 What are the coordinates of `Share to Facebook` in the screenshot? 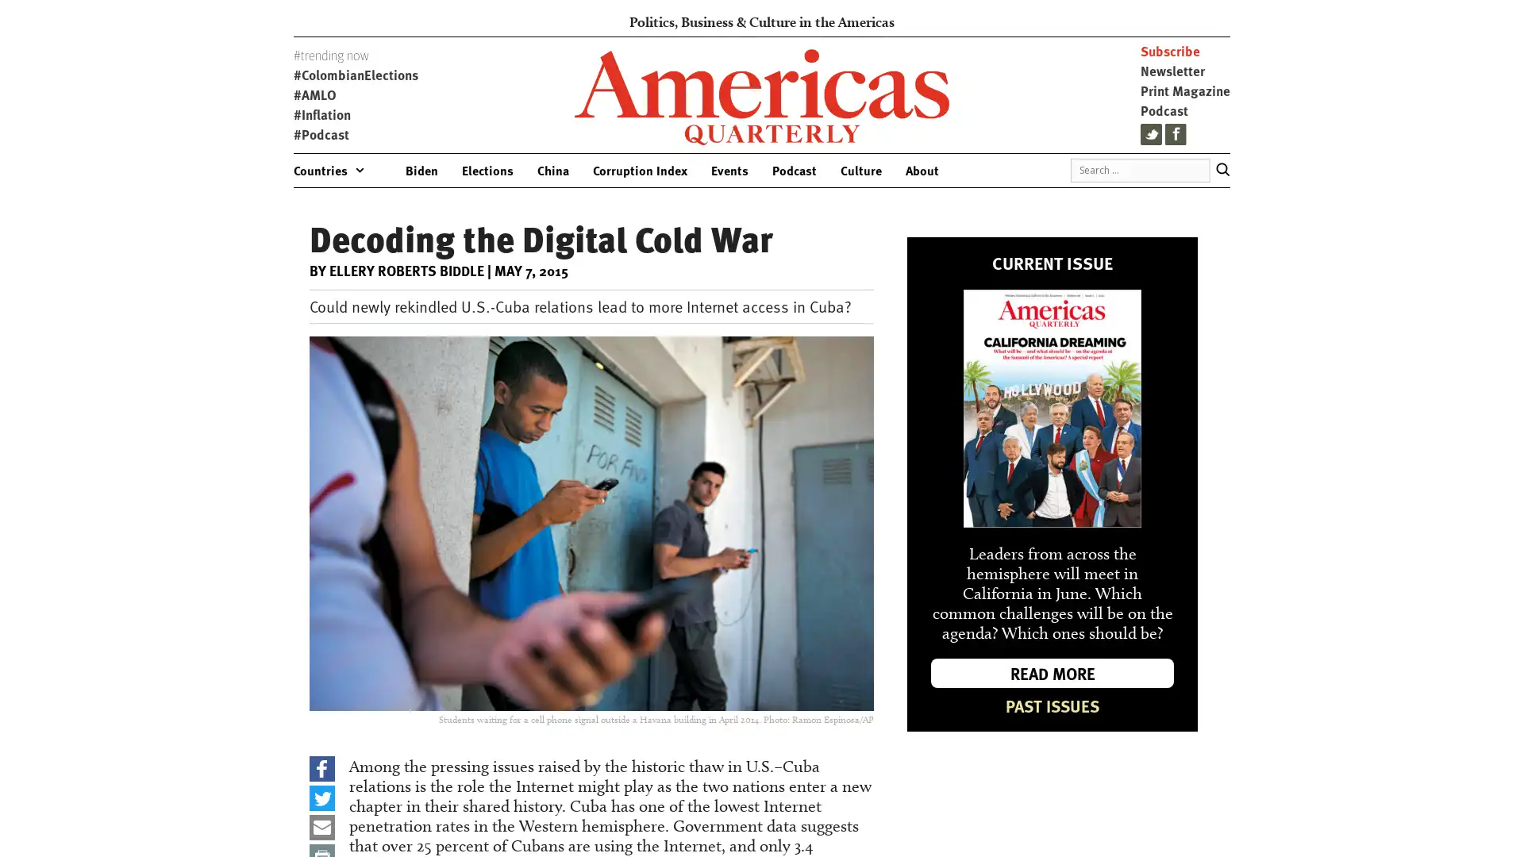 It's located at (321, 767).